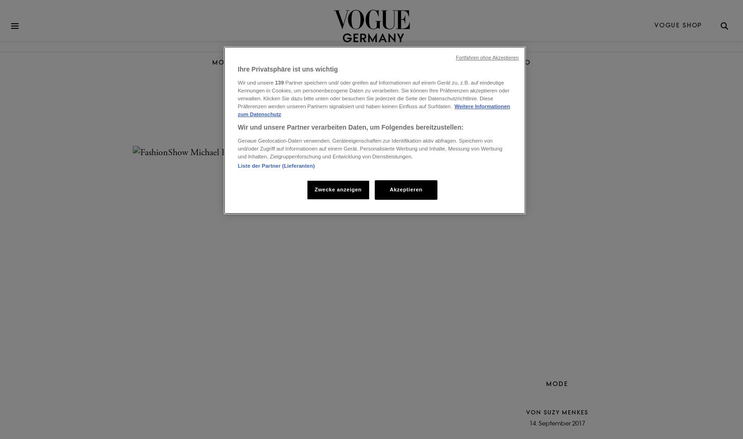 The width and height of the screenshot is (743, 439). What do you see at coordinates (372, 62) in the screenshot?
I see `'Kultur'` at bounding box center [372, 62].